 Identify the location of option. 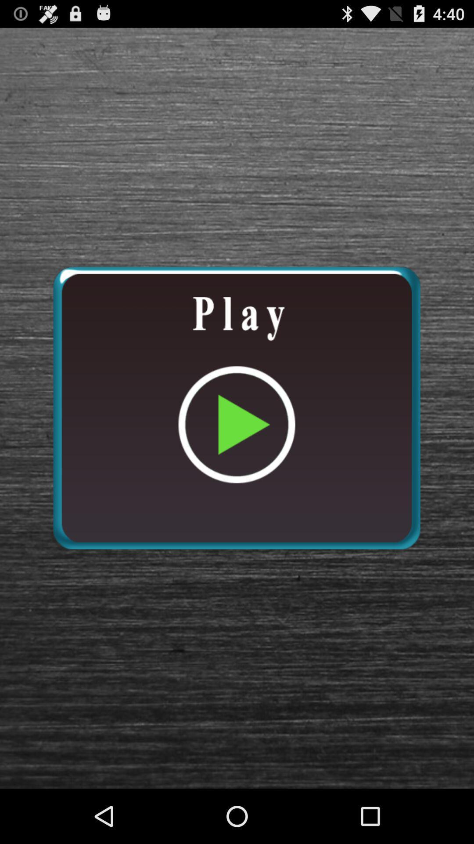
(236, 407).